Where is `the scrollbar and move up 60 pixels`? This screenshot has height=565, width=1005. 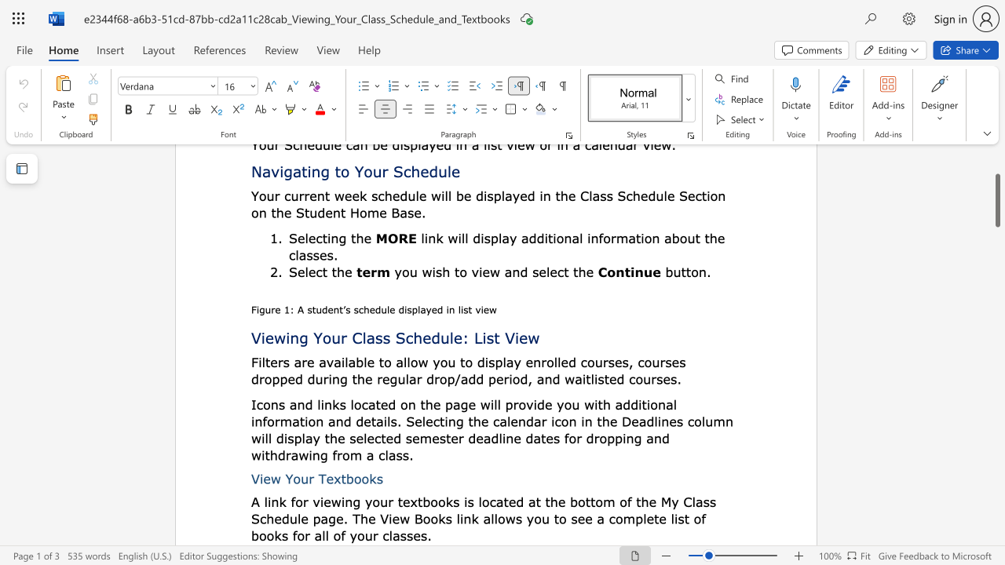
the scrollbar and move up 60 pixels is located at coordinates (996, 199).